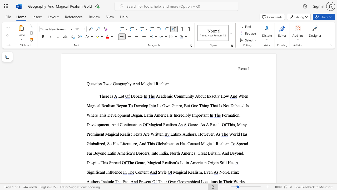  I want to click on the subset text "s Own Genre, But One Thing That Is Not Debated Is Where This Develo" within the text "Its Own Genre, But One Thing That Is Not Debated Is Where This Development Began. Latin America Is Incredibly Important", so click(159, 106).